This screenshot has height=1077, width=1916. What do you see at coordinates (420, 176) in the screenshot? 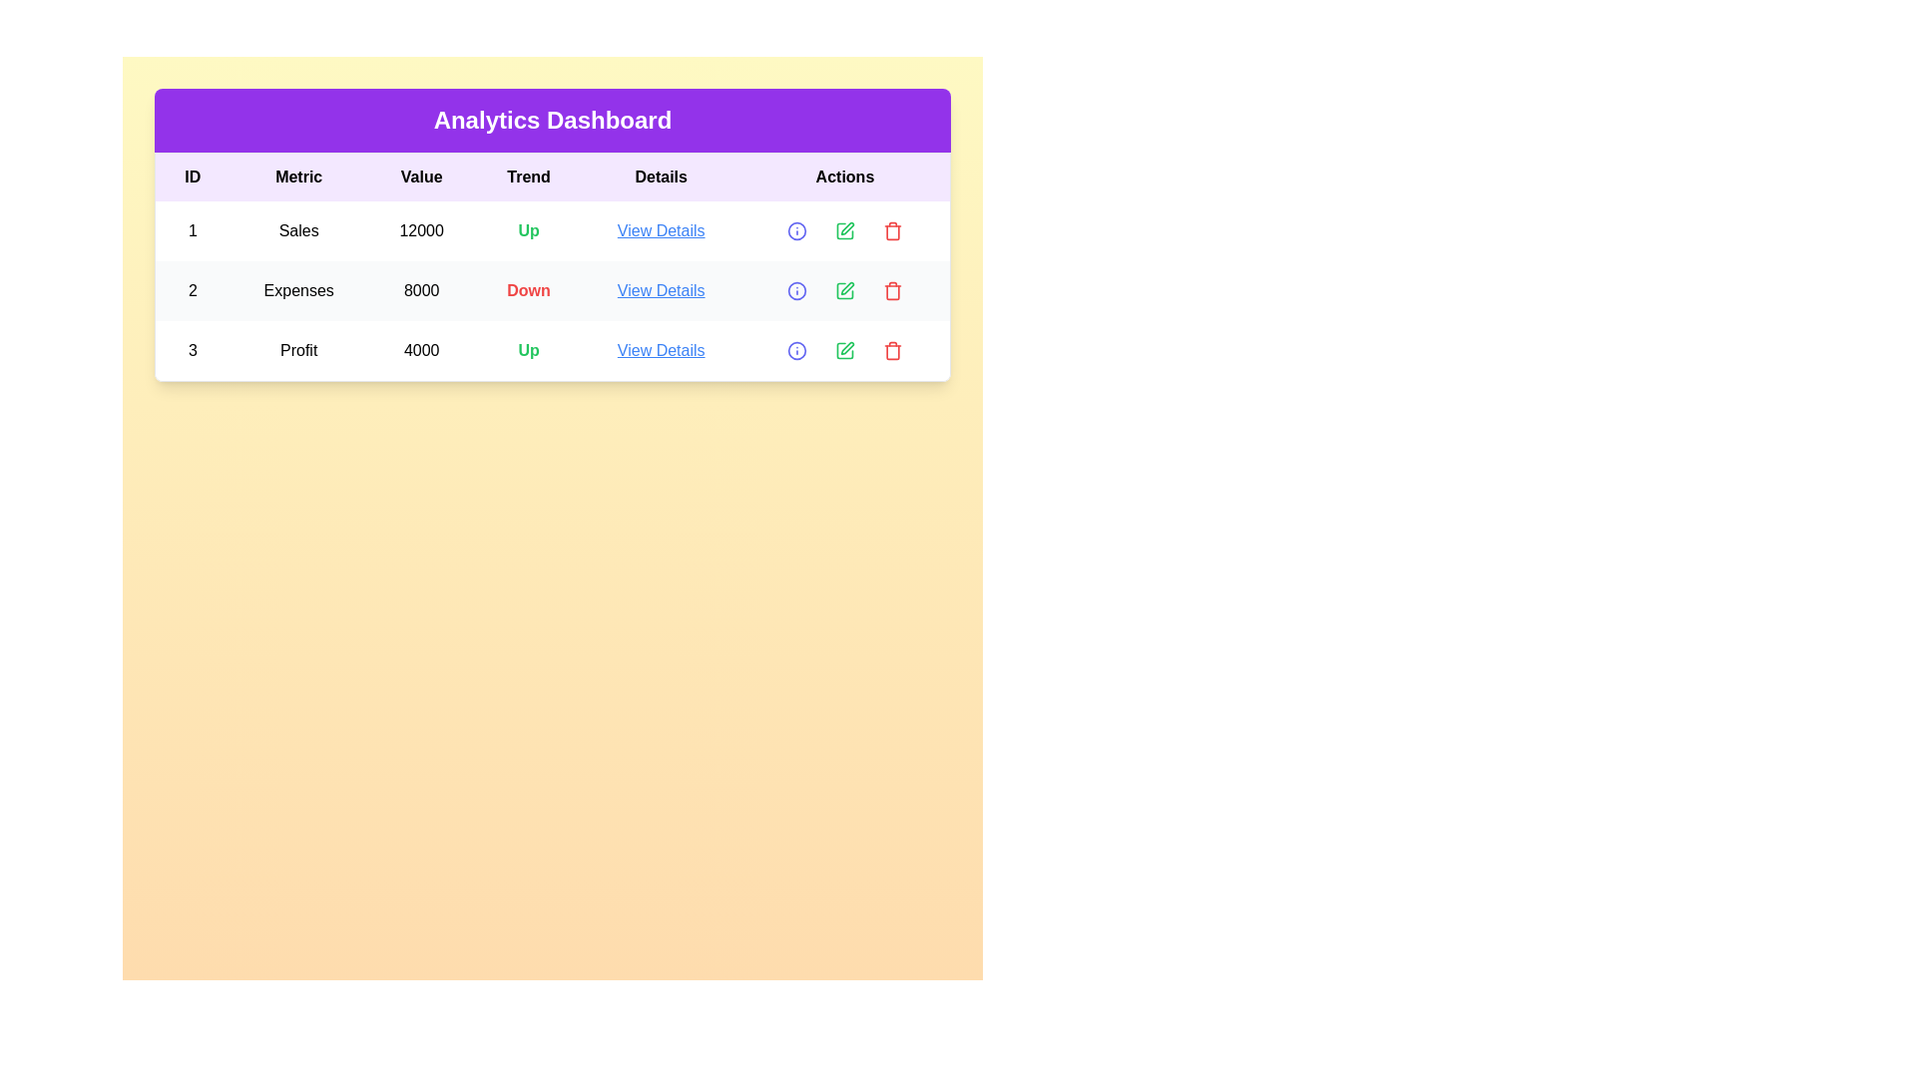
I see `the 'Value' column header cell in the dashboard table, which is positioned between the 'Metric' and 'Trend' headers` at bounding box center [420, 176].